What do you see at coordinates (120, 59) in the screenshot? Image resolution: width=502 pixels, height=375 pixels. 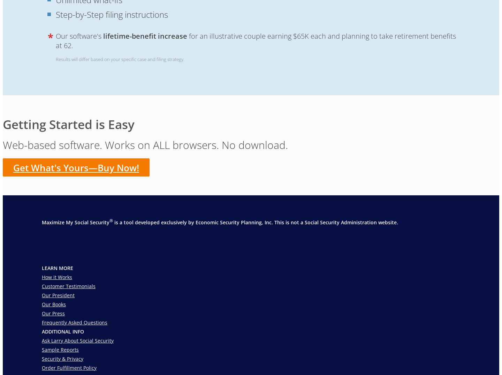 I see `'Results will differ based on your specific case and filing strategy.'` at bounding box center [120, 59].